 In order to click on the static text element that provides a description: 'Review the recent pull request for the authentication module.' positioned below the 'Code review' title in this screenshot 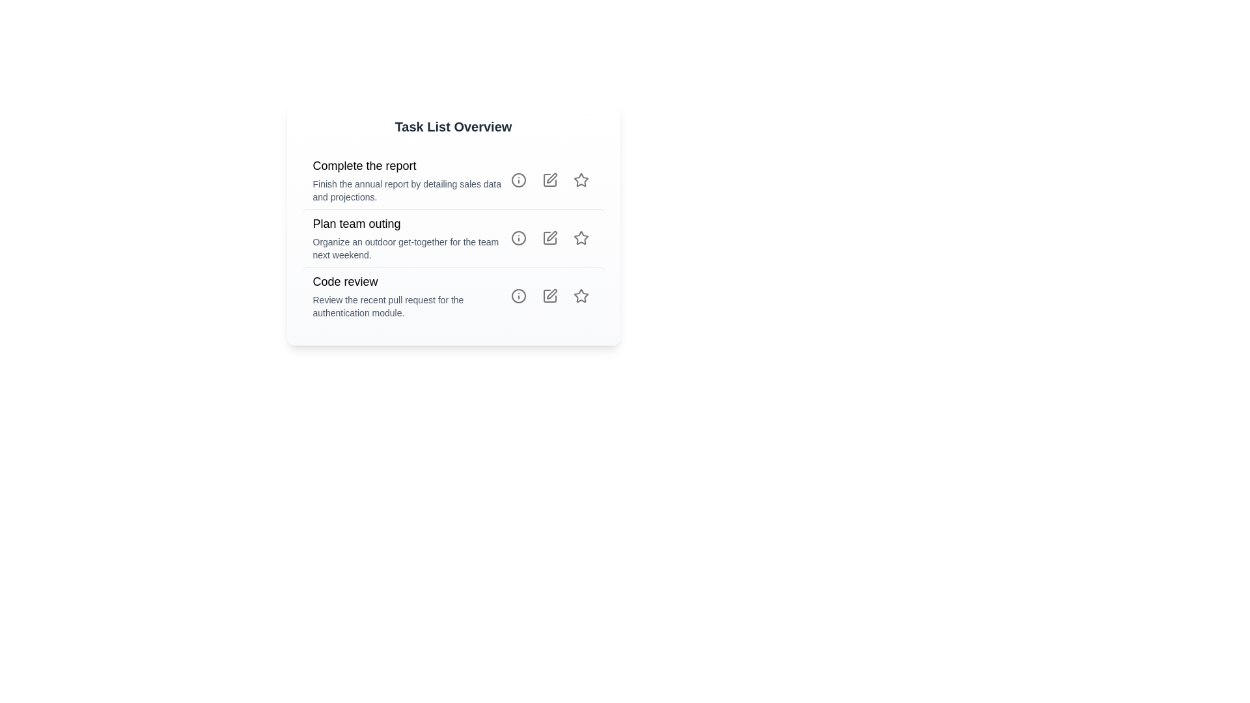, I will do `click(408, 306)`.